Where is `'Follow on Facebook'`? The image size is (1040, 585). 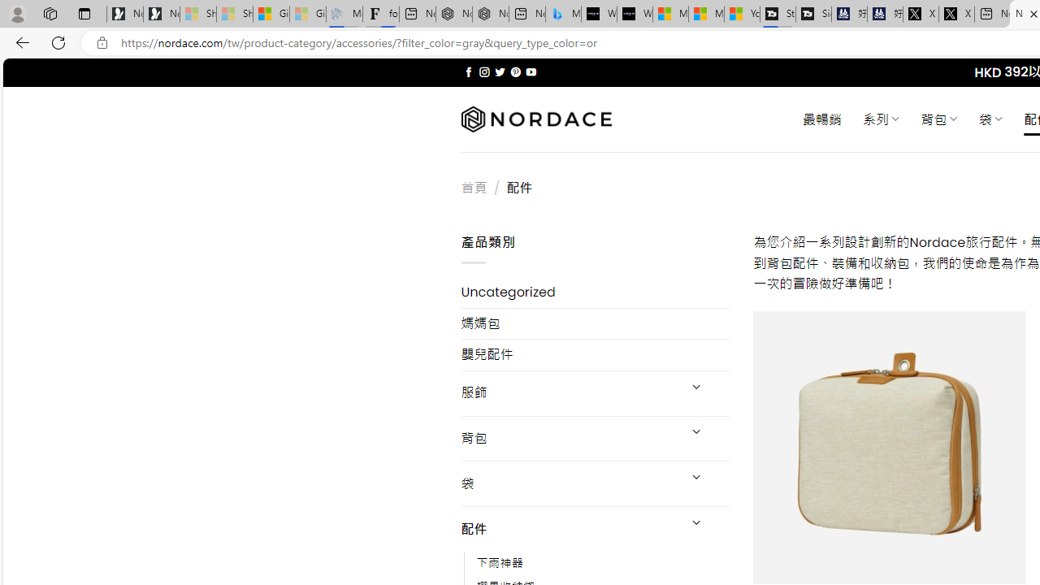 'Follow on Facebook' is located at coordinates (468, 71).